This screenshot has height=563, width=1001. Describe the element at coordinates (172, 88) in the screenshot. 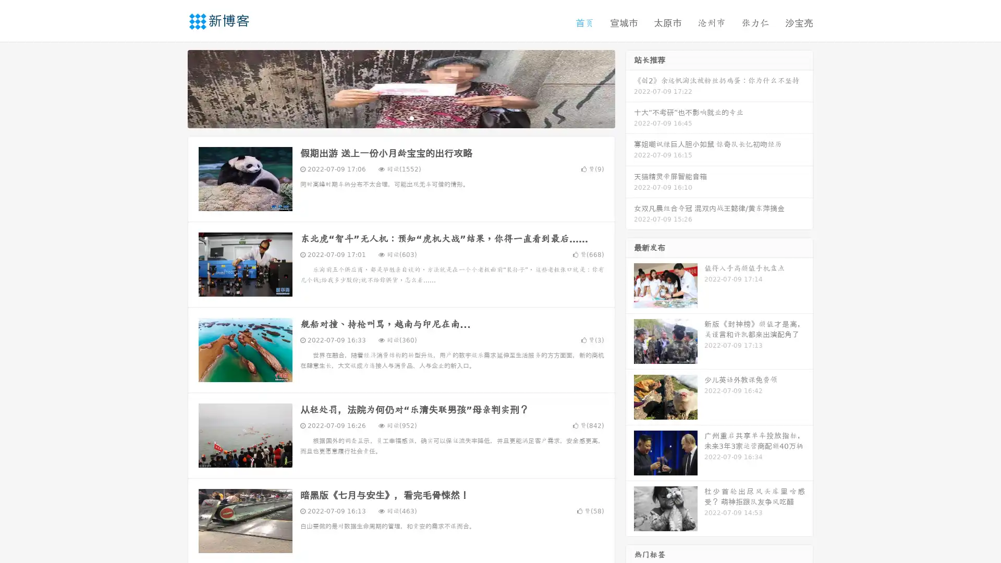

I see `Previous slide` at that location.